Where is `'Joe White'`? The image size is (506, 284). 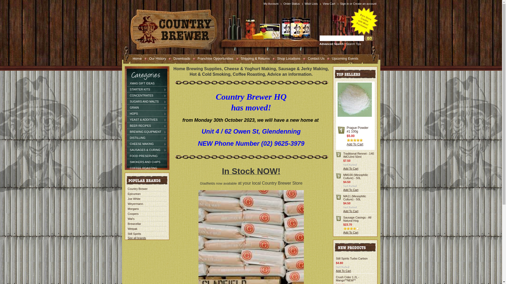
'Joe White' is located at coordinates (134, 199).